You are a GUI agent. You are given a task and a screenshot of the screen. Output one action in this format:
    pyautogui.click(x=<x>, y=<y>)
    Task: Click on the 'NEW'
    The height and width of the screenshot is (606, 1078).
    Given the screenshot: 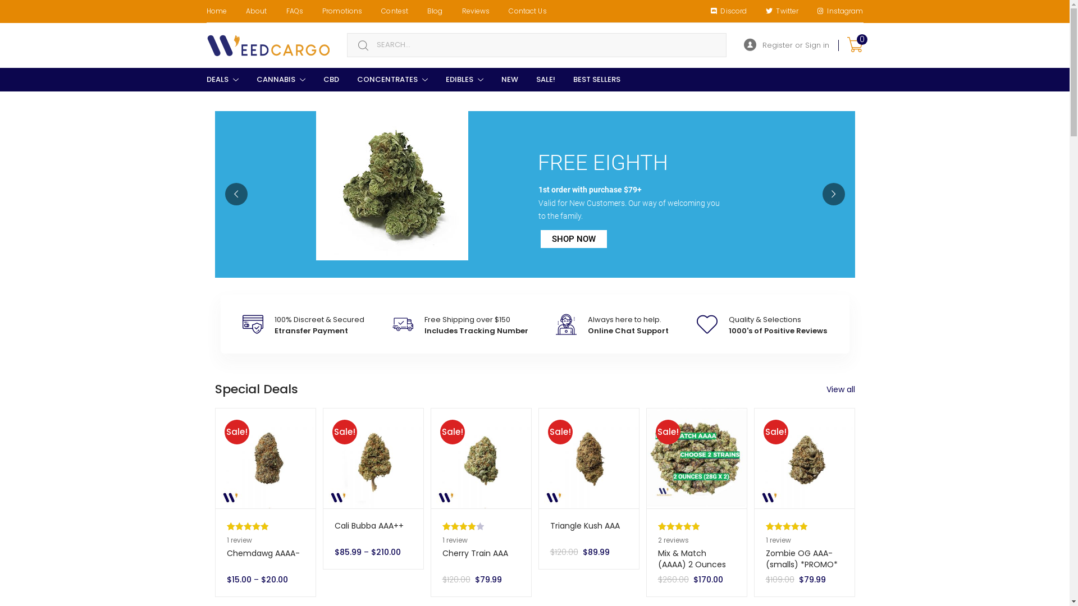 What is the action you would take?
    pyautogui.click(x=509, y=79)
    